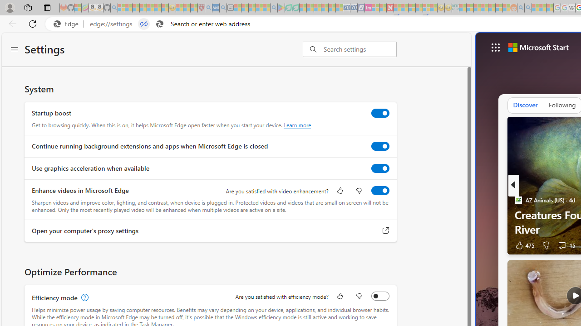  What do you see at coordinates (380, 190) in the screenshot?
I see `'Enhance videos in Microsoft Edge'` at bounding box center [380, 190].